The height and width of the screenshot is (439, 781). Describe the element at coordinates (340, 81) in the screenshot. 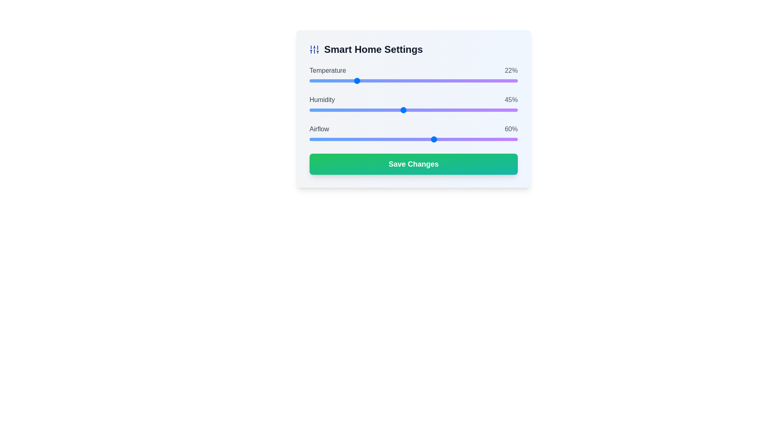

I see `the slider` at that location.